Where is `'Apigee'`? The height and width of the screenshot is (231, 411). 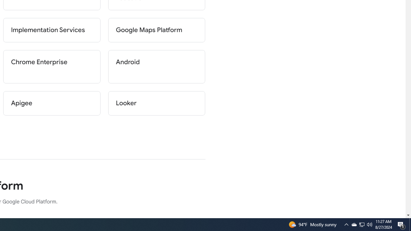
'Apigee' is located at coordinates (52, 103).